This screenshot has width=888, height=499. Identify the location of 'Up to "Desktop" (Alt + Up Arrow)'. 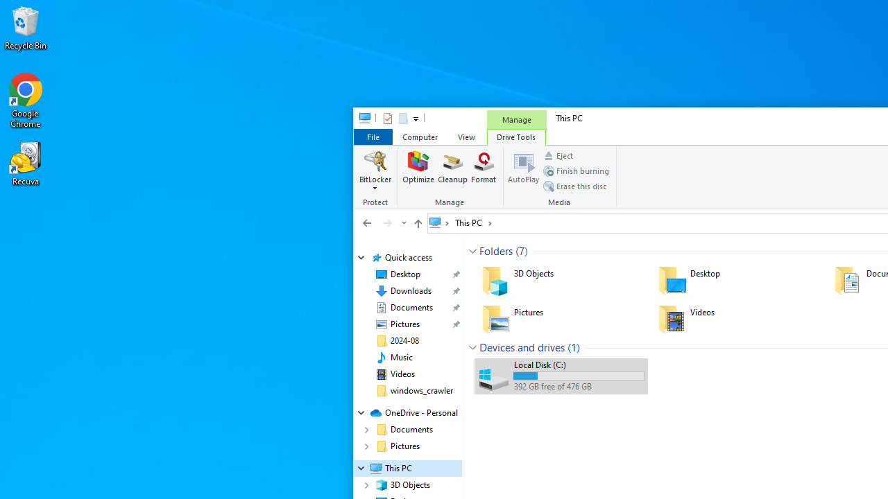
(417, 222).